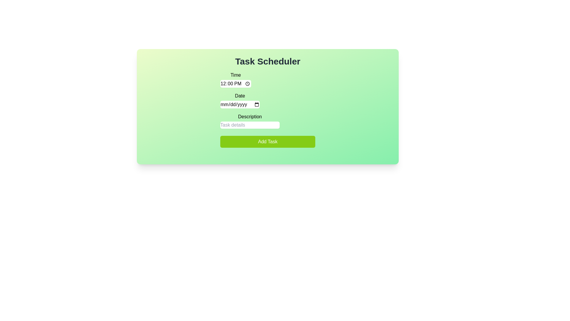 The height and width of the screenshot is (321, 570). Describe the element at coordinates (240, 104) in the screenshot. I see `the Date input field, which is styled with rounded corners and a light border, located below the 'Date' label in the task-scheduling panel` at that location.